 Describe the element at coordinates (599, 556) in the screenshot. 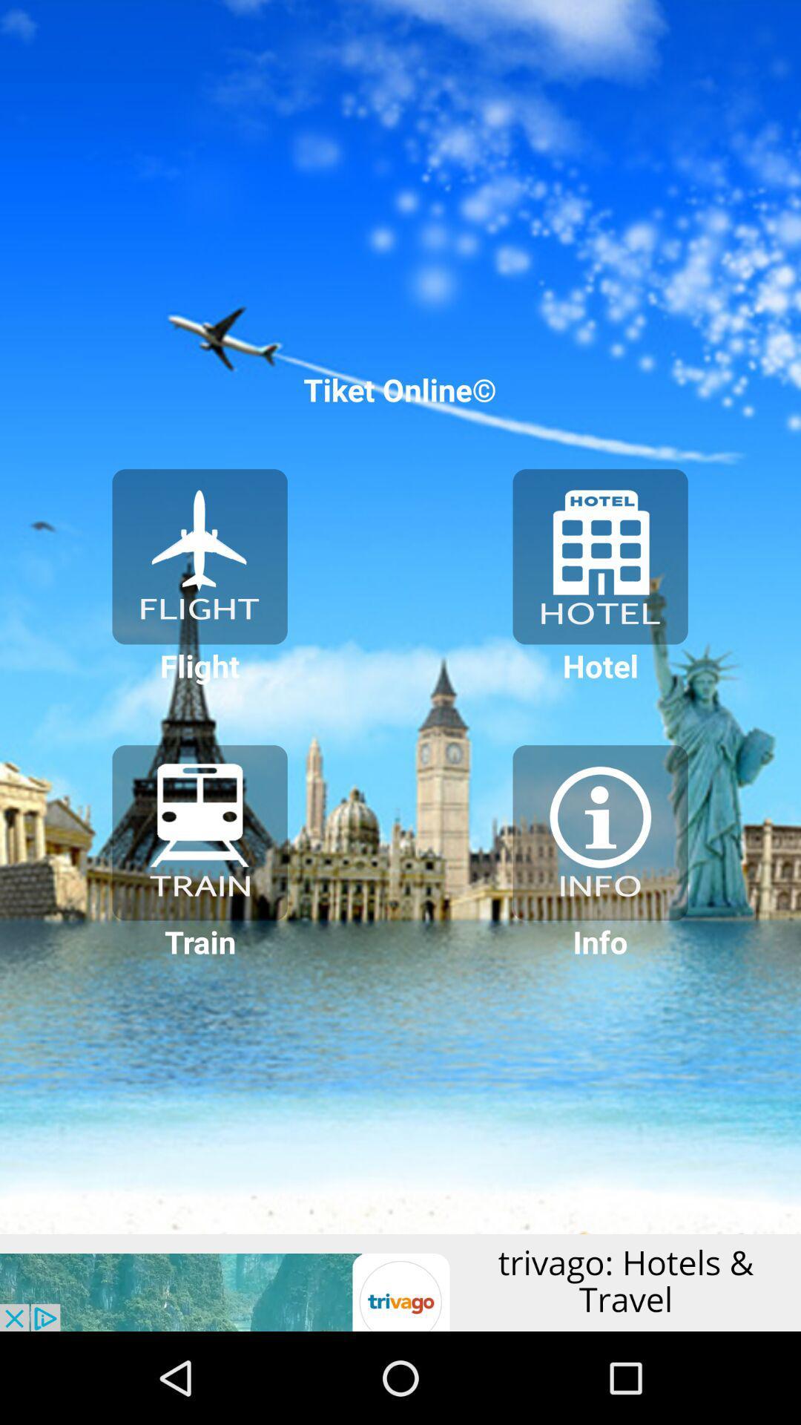

I see `switch to hotel option` at that location.